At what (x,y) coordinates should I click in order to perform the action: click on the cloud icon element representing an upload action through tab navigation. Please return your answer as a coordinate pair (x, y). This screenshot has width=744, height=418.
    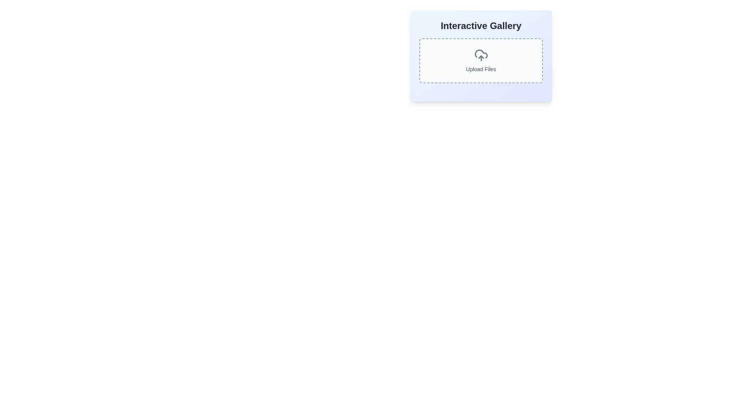
    Looking at the image, I should click on (480, 53).